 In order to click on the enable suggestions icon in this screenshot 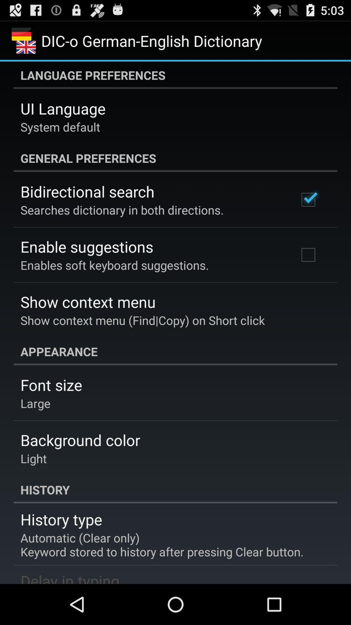, I will do `click(86, 246)`.